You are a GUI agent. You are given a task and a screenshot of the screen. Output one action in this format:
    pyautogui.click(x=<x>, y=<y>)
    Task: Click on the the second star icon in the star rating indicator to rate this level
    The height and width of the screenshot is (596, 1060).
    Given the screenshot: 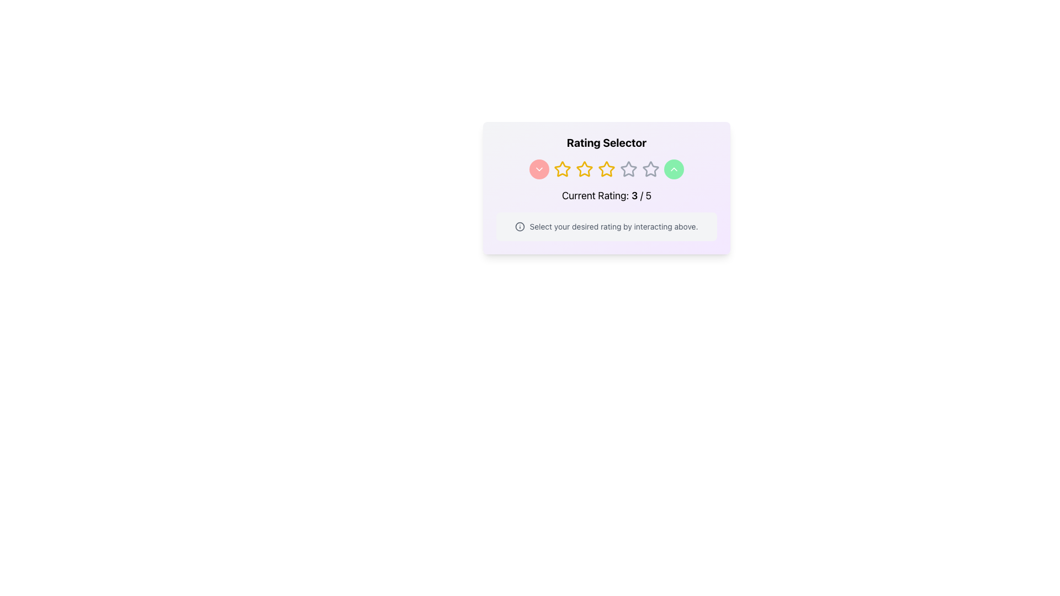 What is the action you would take?
    pyautogui.click(x=562, y=169)
    